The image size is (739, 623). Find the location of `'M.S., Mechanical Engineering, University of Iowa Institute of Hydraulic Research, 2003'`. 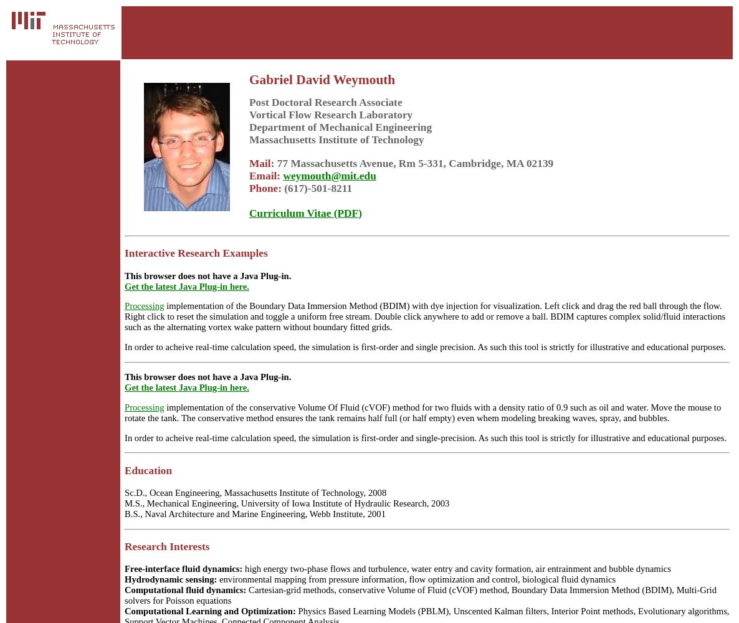

'M.S., Mechanical Engineering, University of Iowa Institute of Hydraulic Research, 2003' is located at coordinates (287, 503).